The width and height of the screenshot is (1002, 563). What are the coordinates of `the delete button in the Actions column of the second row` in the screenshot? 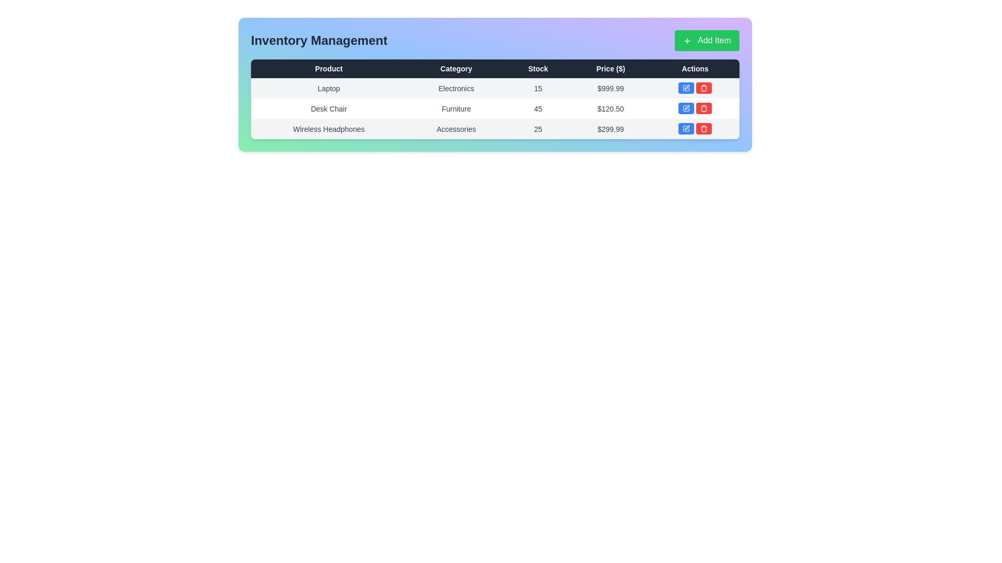 It's located at (704, 108).